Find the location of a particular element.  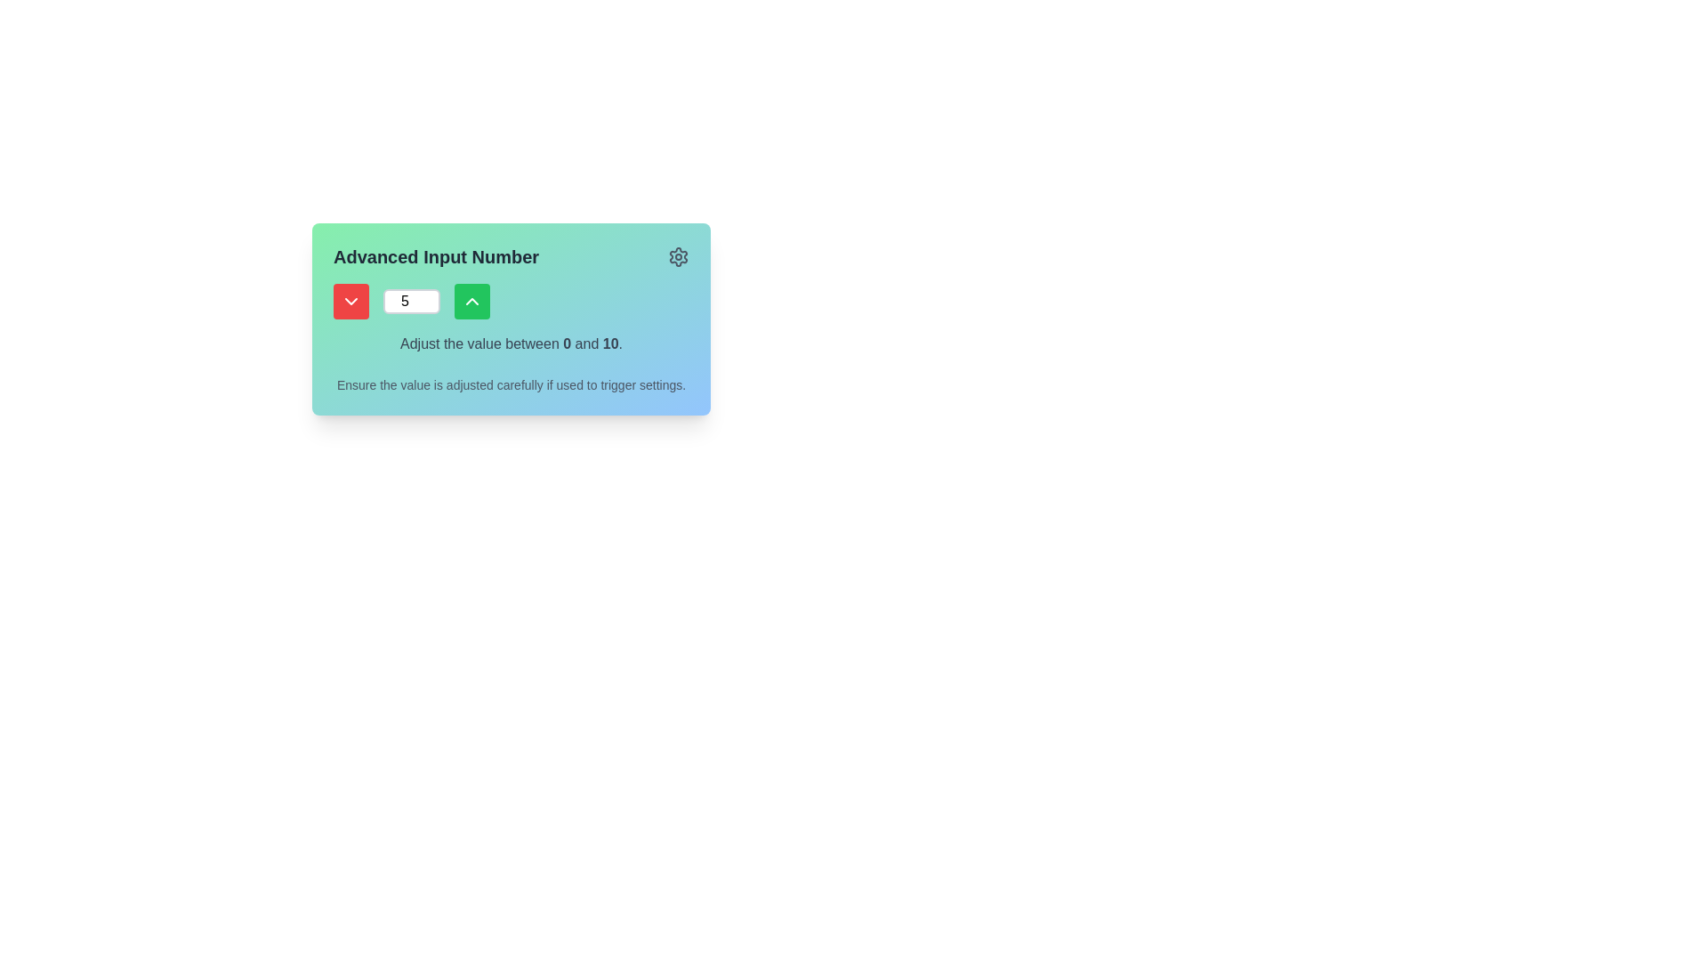

the small gray text label centered within the gradient background of the rounded rectangular card that specifies advanced input options is located at coordinates (511, 384).